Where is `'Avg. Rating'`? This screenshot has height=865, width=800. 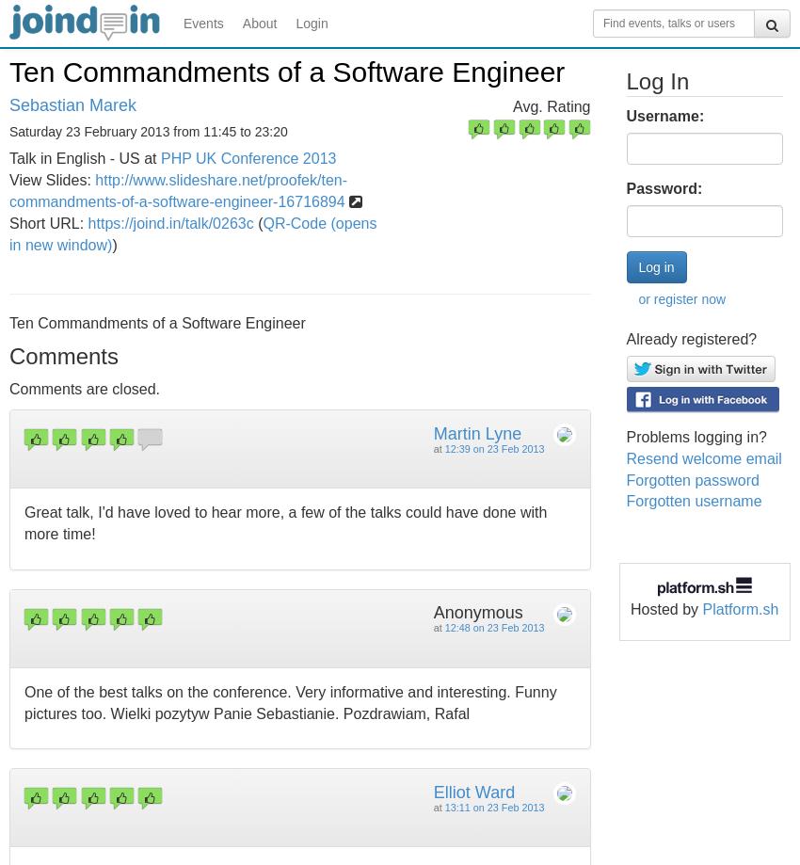 'Avg. Rating' is located at coordinates (551, 105).